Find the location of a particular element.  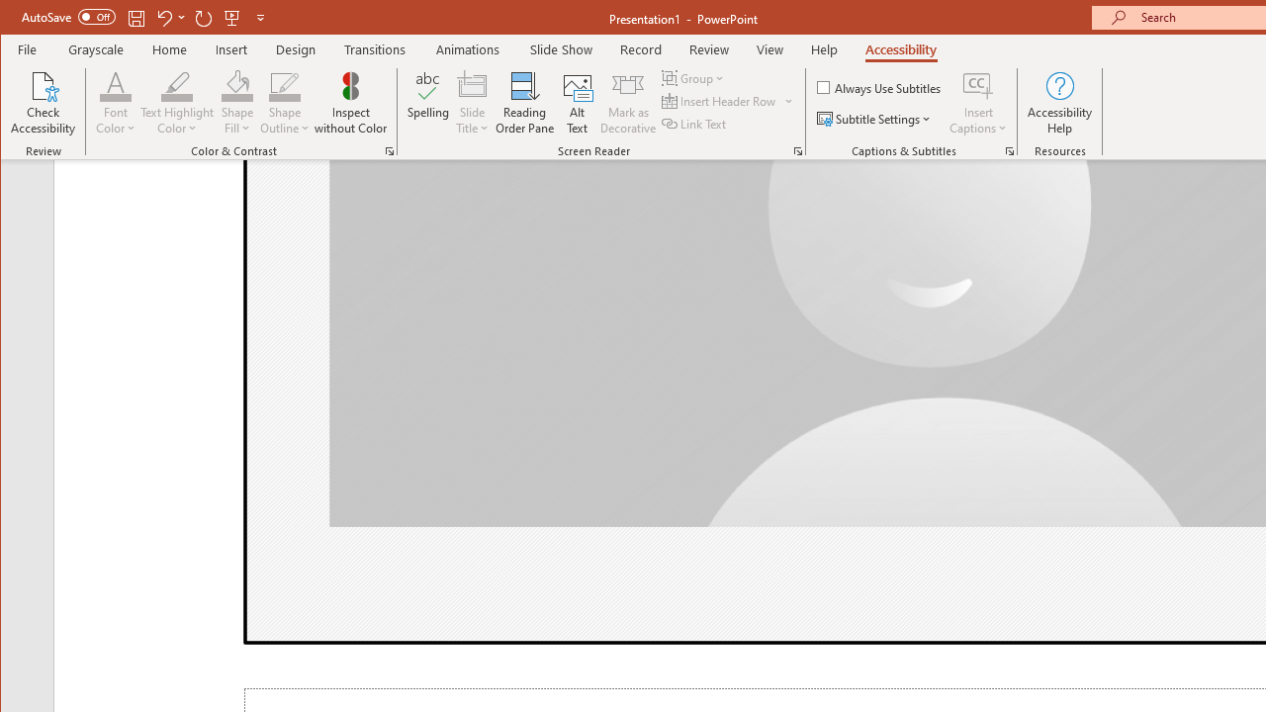

'Mark as Decorative' is located at coordinates (627, 103).